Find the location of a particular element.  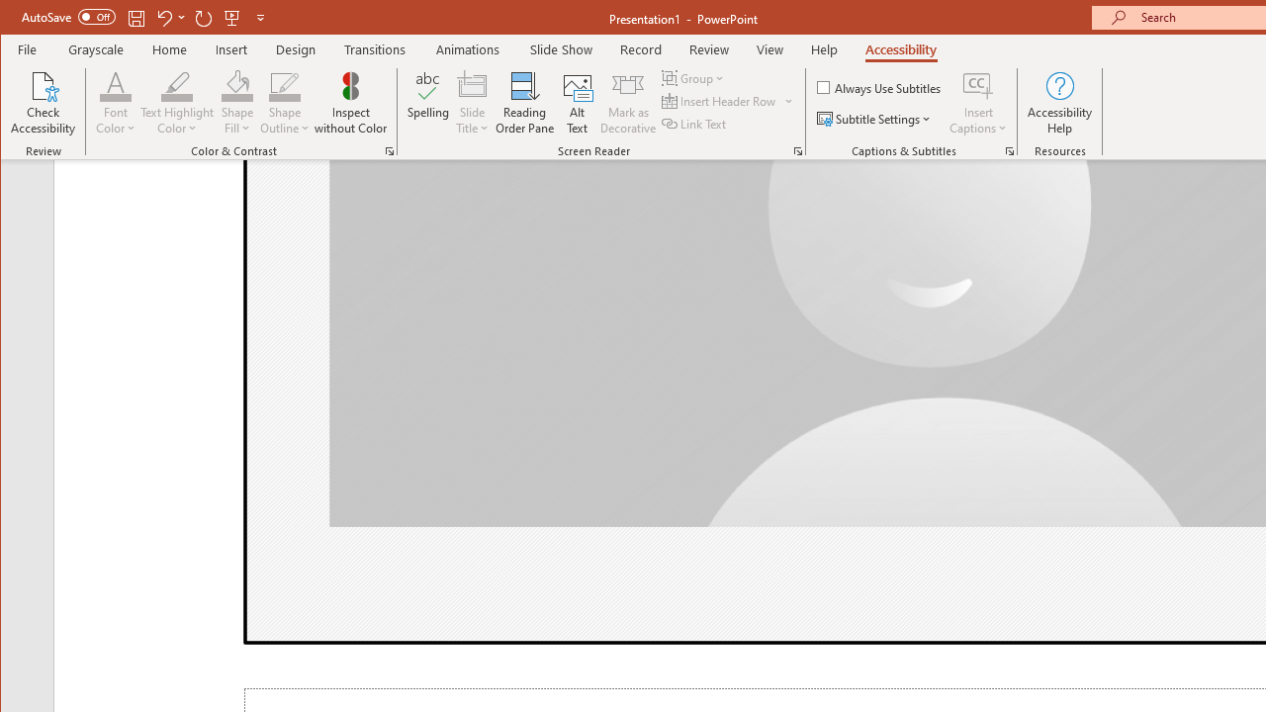

'Mark as Decorative' is located at coordinates (627, 103).